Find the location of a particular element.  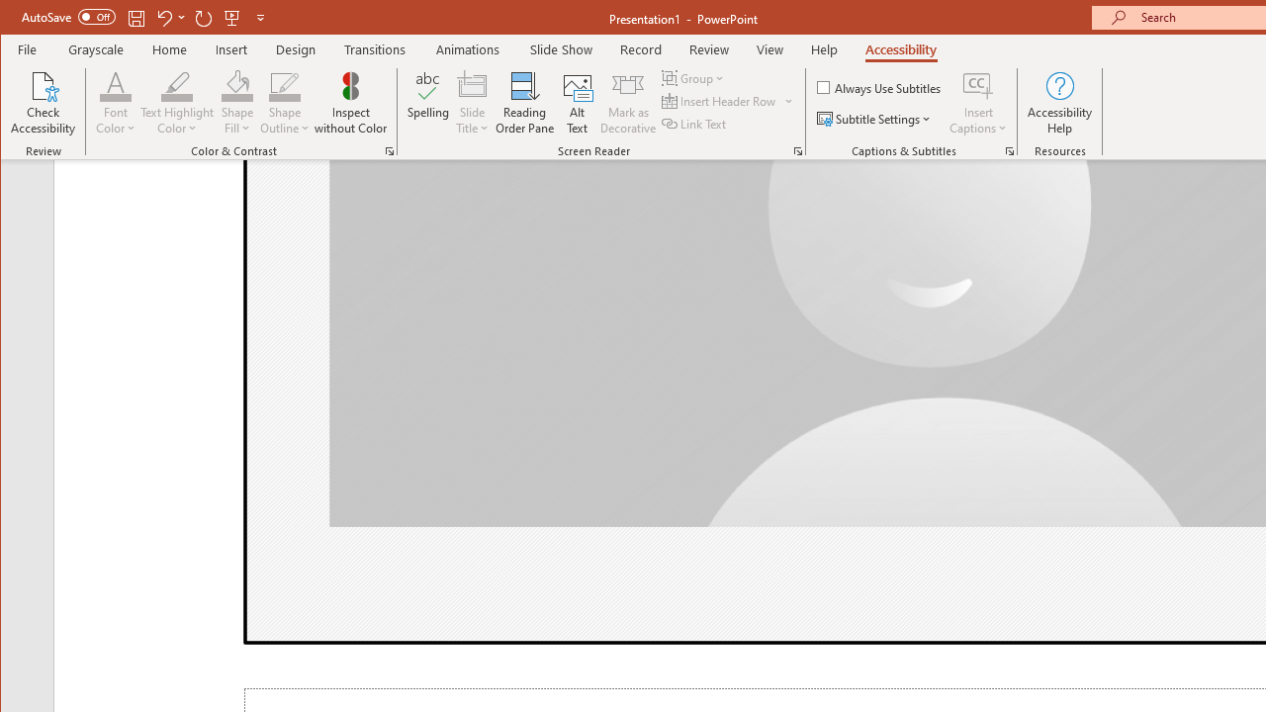

'Mark as Decorative' is located at coordinates (627, 103).